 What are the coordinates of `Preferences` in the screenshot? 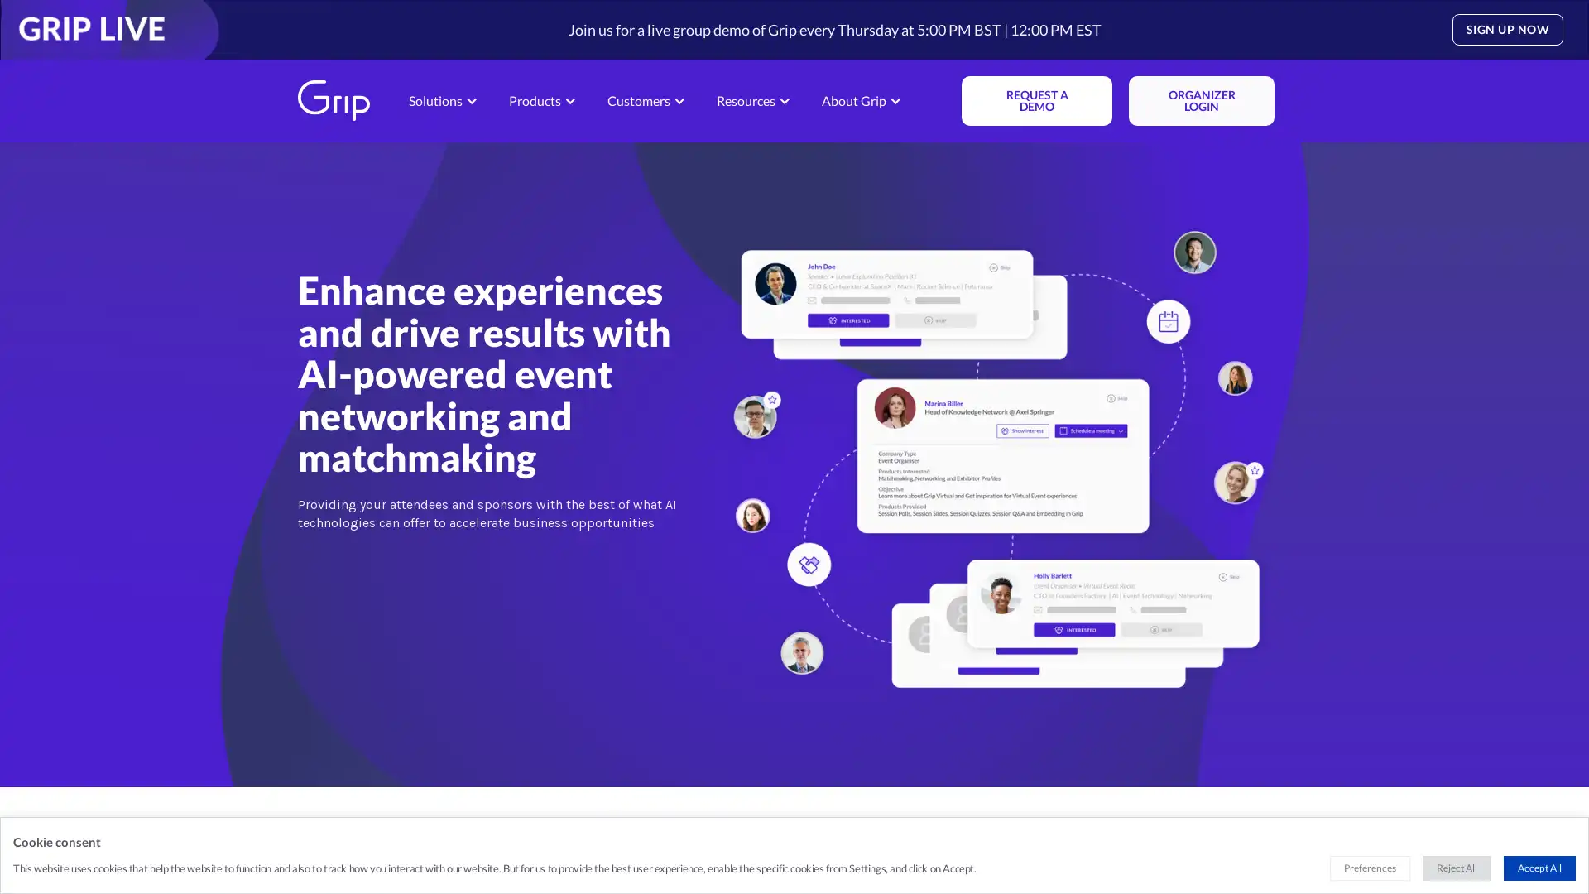 It's located at (1370, 868).